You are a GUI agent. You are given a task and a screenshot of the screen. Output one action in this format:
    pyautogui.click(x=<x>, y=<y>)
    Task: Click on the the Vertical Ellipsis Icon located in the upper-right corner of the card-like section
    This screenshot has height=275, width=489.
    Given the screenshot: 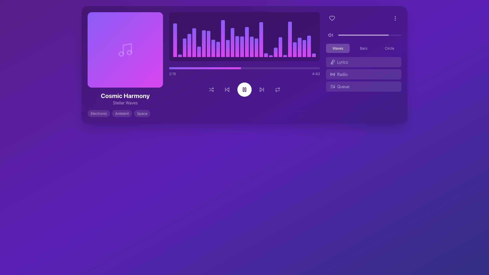 What is the action you would take?
    pyautogui.click(x=395, y=18)
    